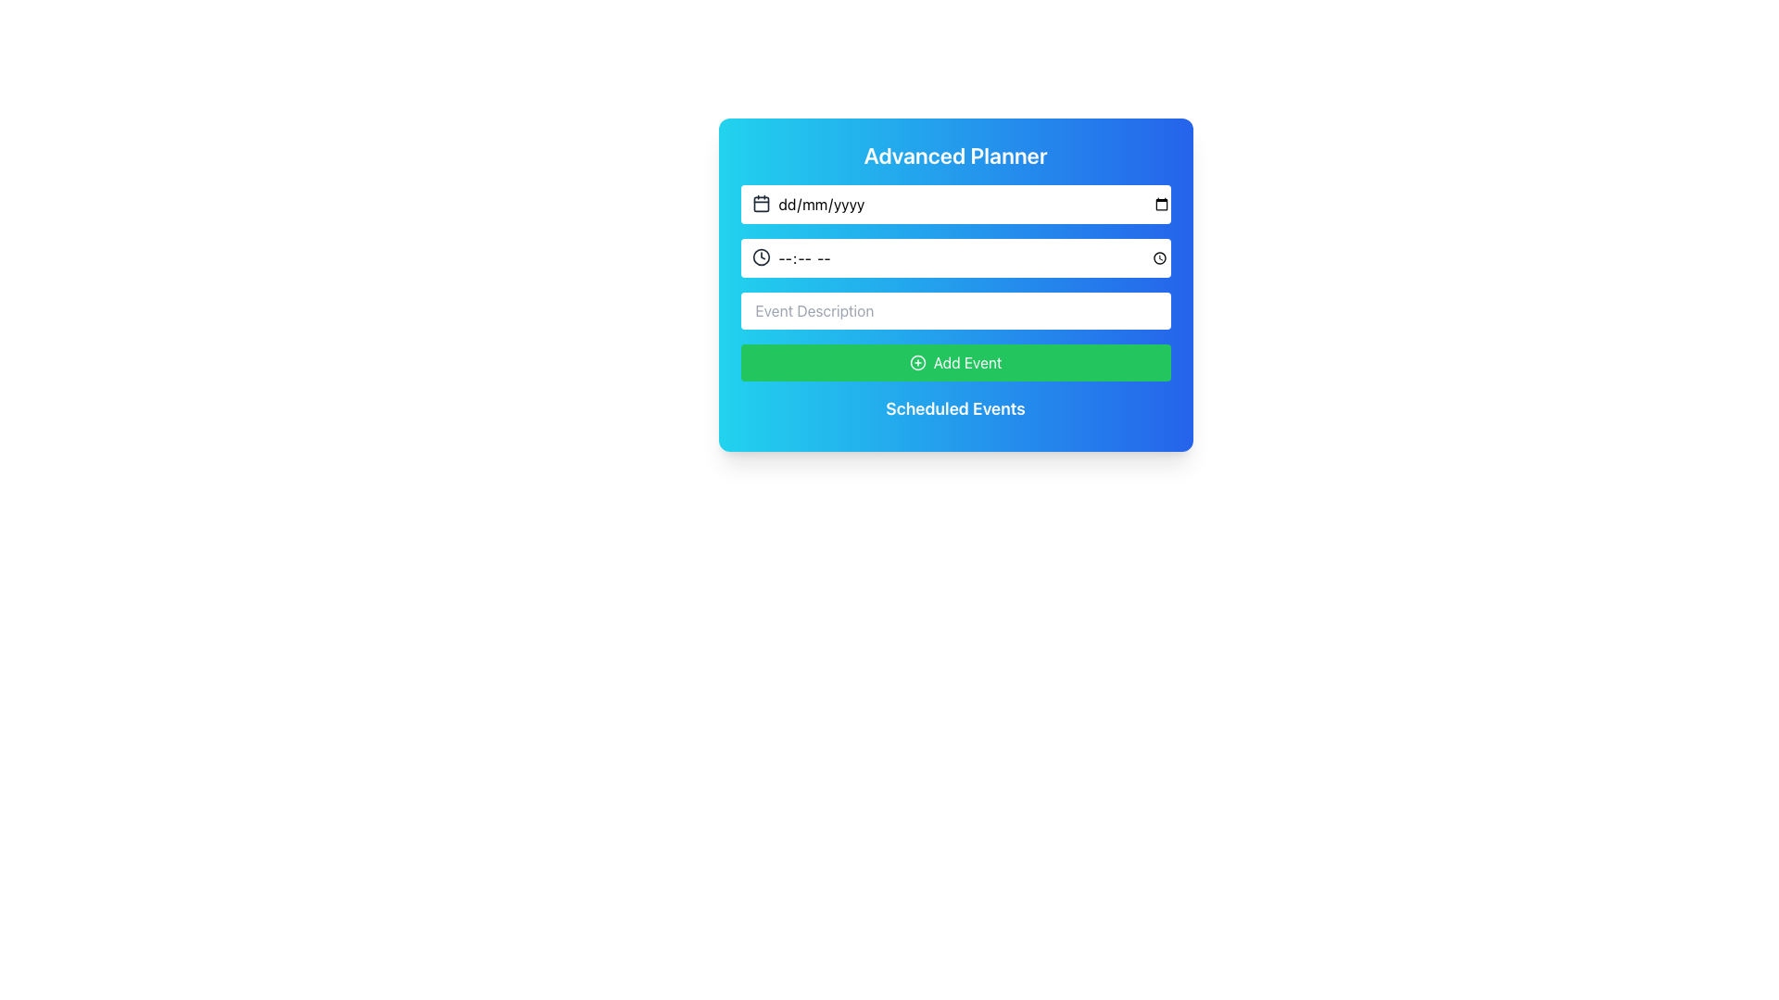 The height and width of the screenshot is (1000, 1779). Describe the element at coordinates (761, 256) in the screenshot. I see `the clock icon located in the 'Advanced Planner' section, which visually indicates the purpose of the adjacent time entry input field` at that location.